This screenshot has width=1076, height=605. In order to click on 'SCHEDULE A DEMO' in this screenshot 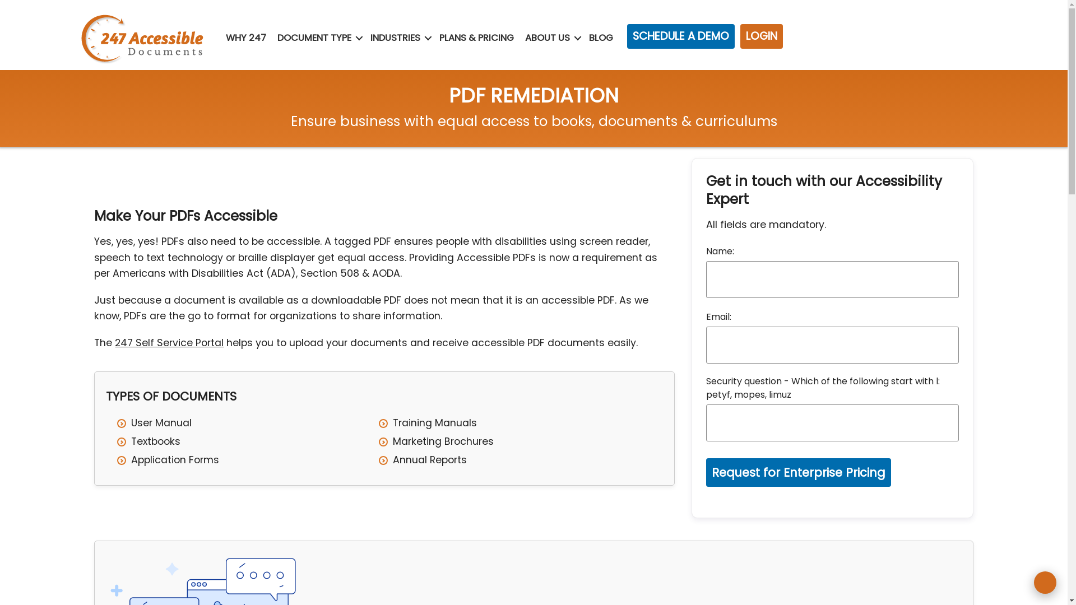, I will do `click(680, 36)`.